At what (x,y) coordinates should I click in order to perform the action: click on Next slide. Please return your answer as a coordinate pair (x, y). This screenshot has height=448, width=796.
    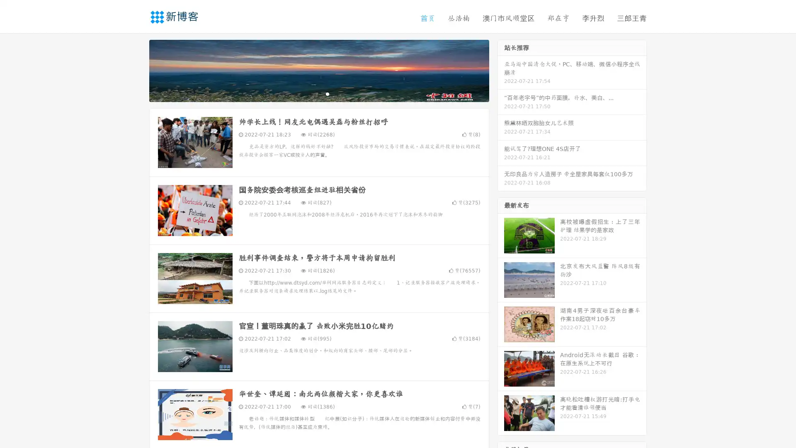
    Looking at the image, I should click on (501, 70).